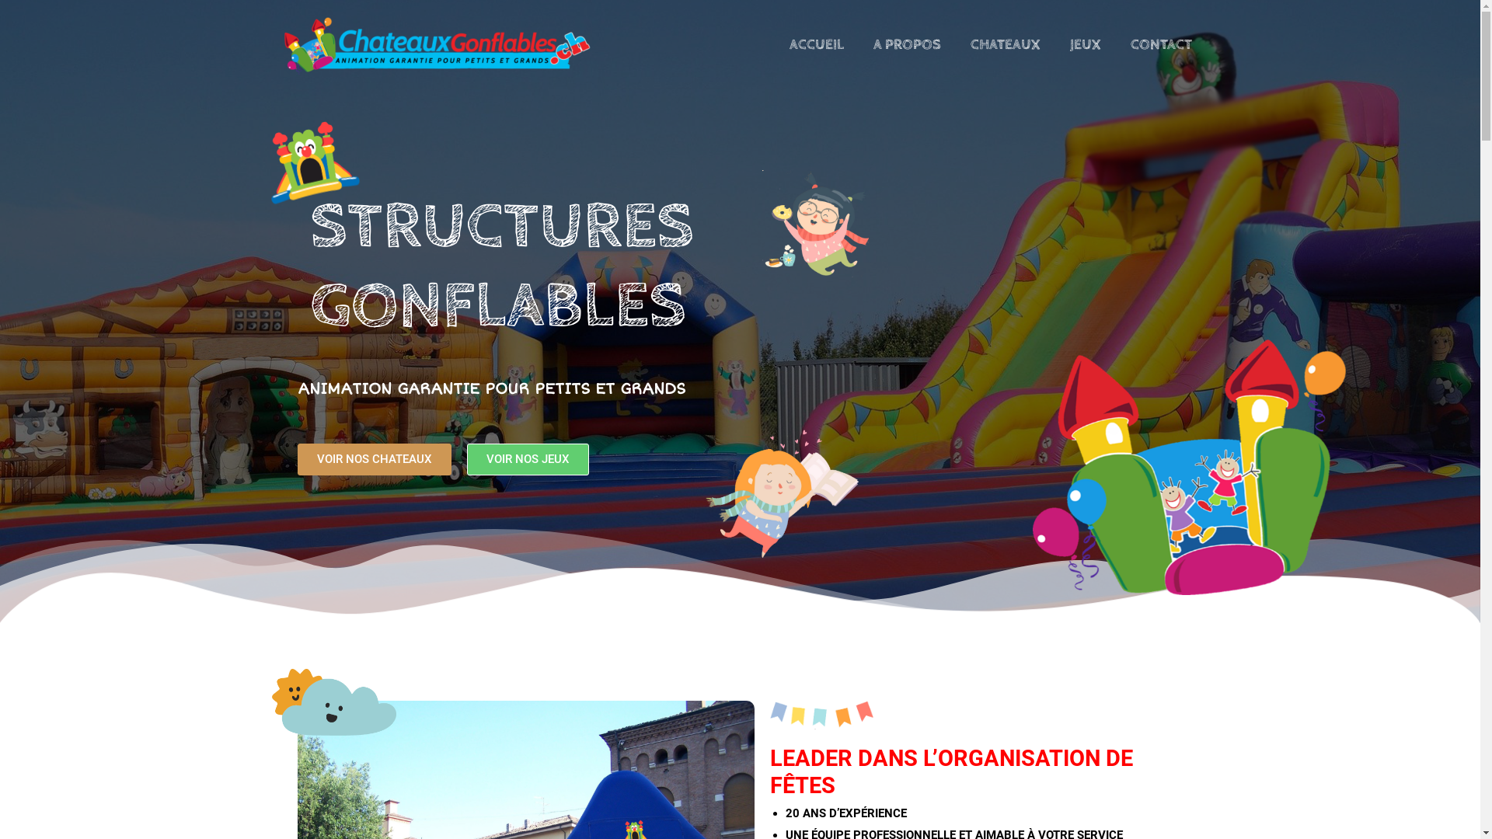  What do you see at coordinates (906, 44) in the screenshot?
I see `'A PROPOS'` at bounding box center [906, 44].